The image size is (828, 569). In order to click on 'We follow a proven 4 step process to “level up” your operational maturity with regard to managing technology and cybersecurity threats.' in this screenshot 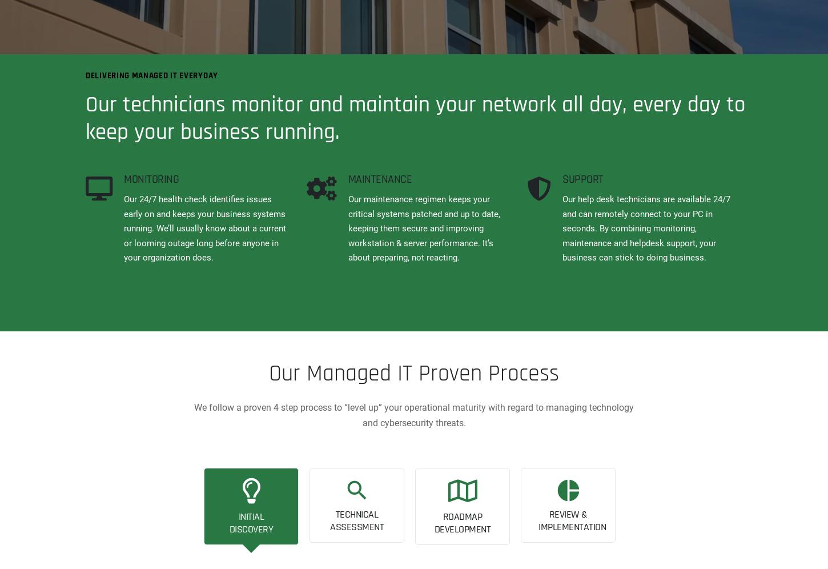, I will do `click(414, 414)`.